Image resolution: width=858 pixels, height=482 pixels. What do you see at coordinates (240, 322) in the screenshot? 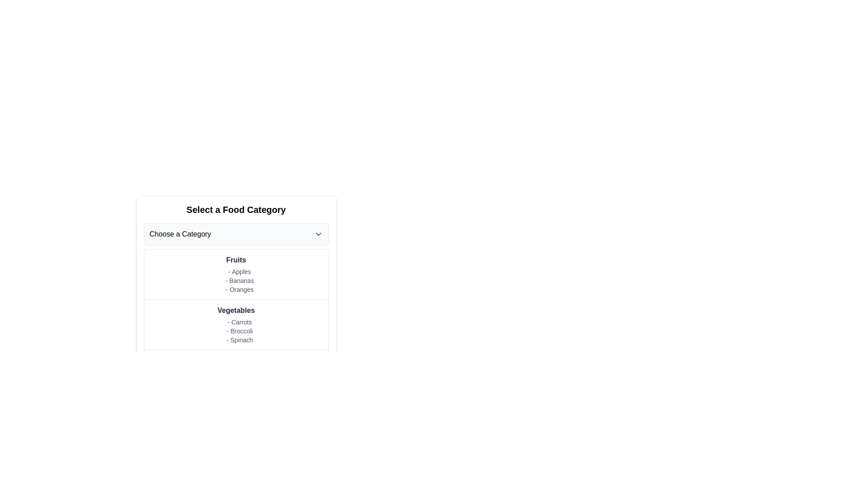
I see `the first list entry representing 'Carrots' in the vegetable selection interface, located under the 'Vegetables' category` at bounding box center [240, 322].